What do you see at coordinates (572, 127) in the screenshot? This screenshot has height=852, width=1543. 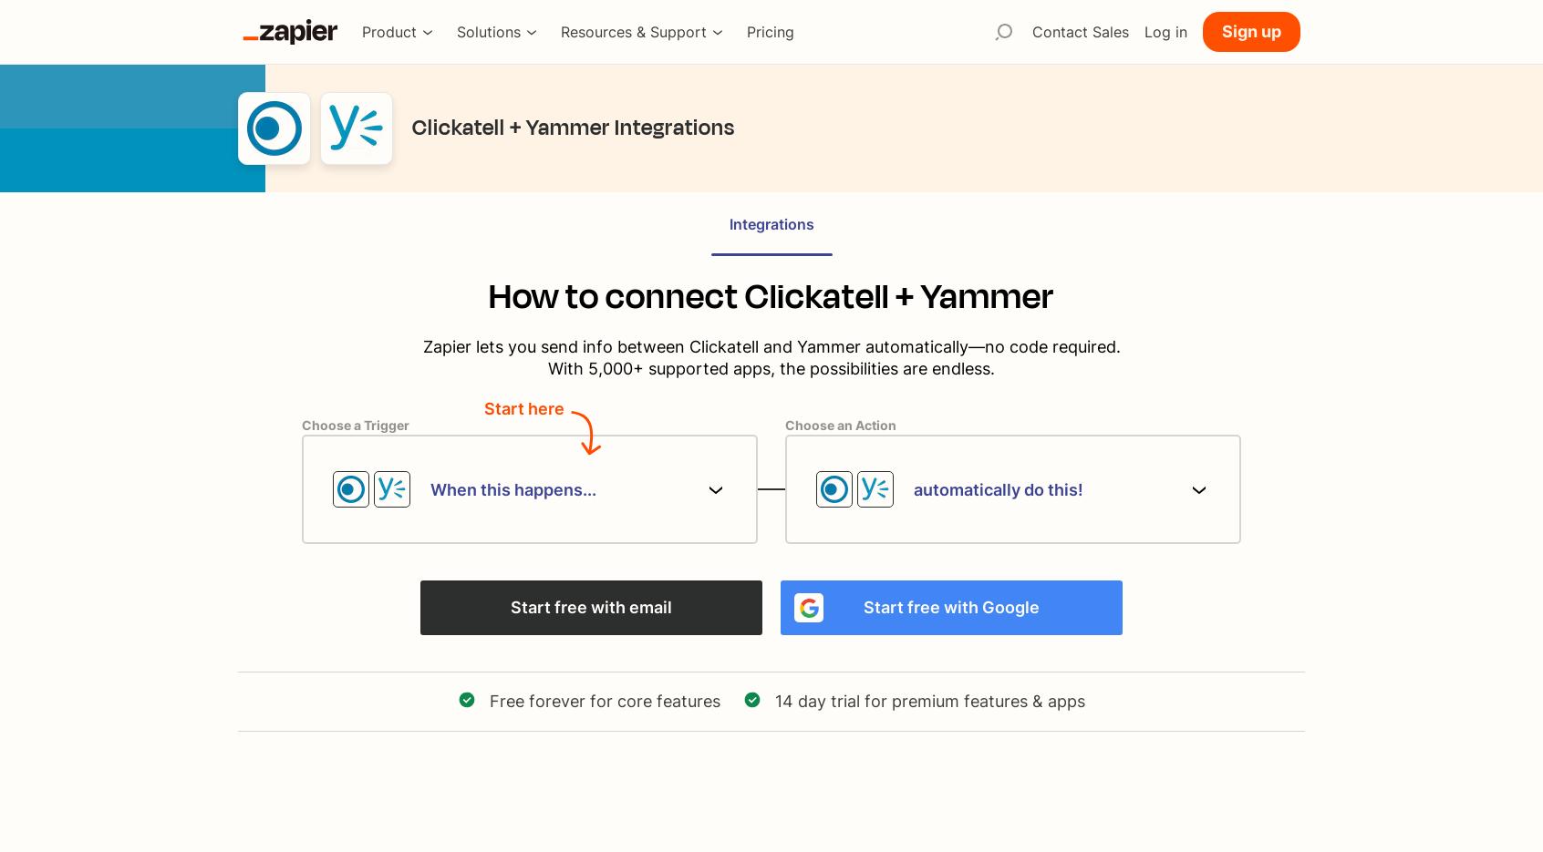 I see `'Clickatell + Yammer Integrations'` at bounding box center [572, 127].